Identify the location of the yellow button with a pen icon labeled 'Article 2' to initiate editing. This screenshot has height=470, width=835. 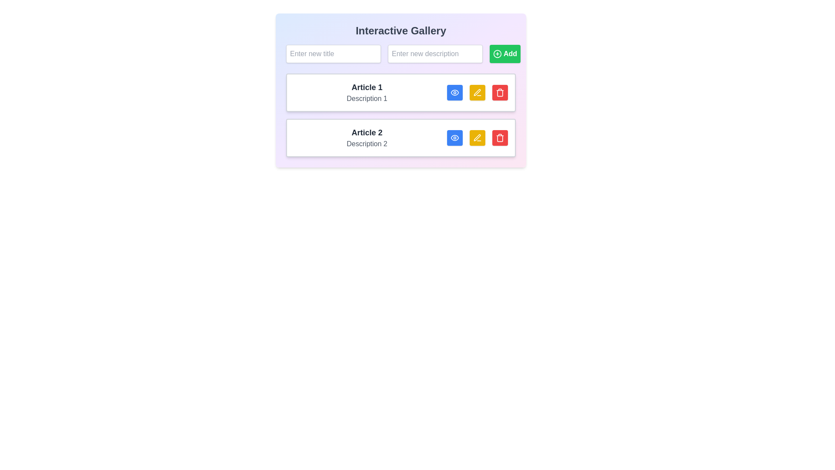
(477, 137).